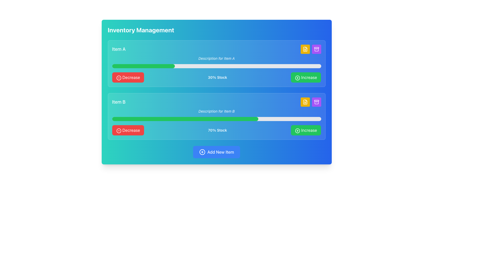 This screenshot has height=277, width=493. Describe the element at coordinates (305, 49) in the screenshot. I see `the yellow document icon in the top-right section of the blue card for Item A, located adjacent to the purple trash can icon and above the green 'Increase' button` at that location.